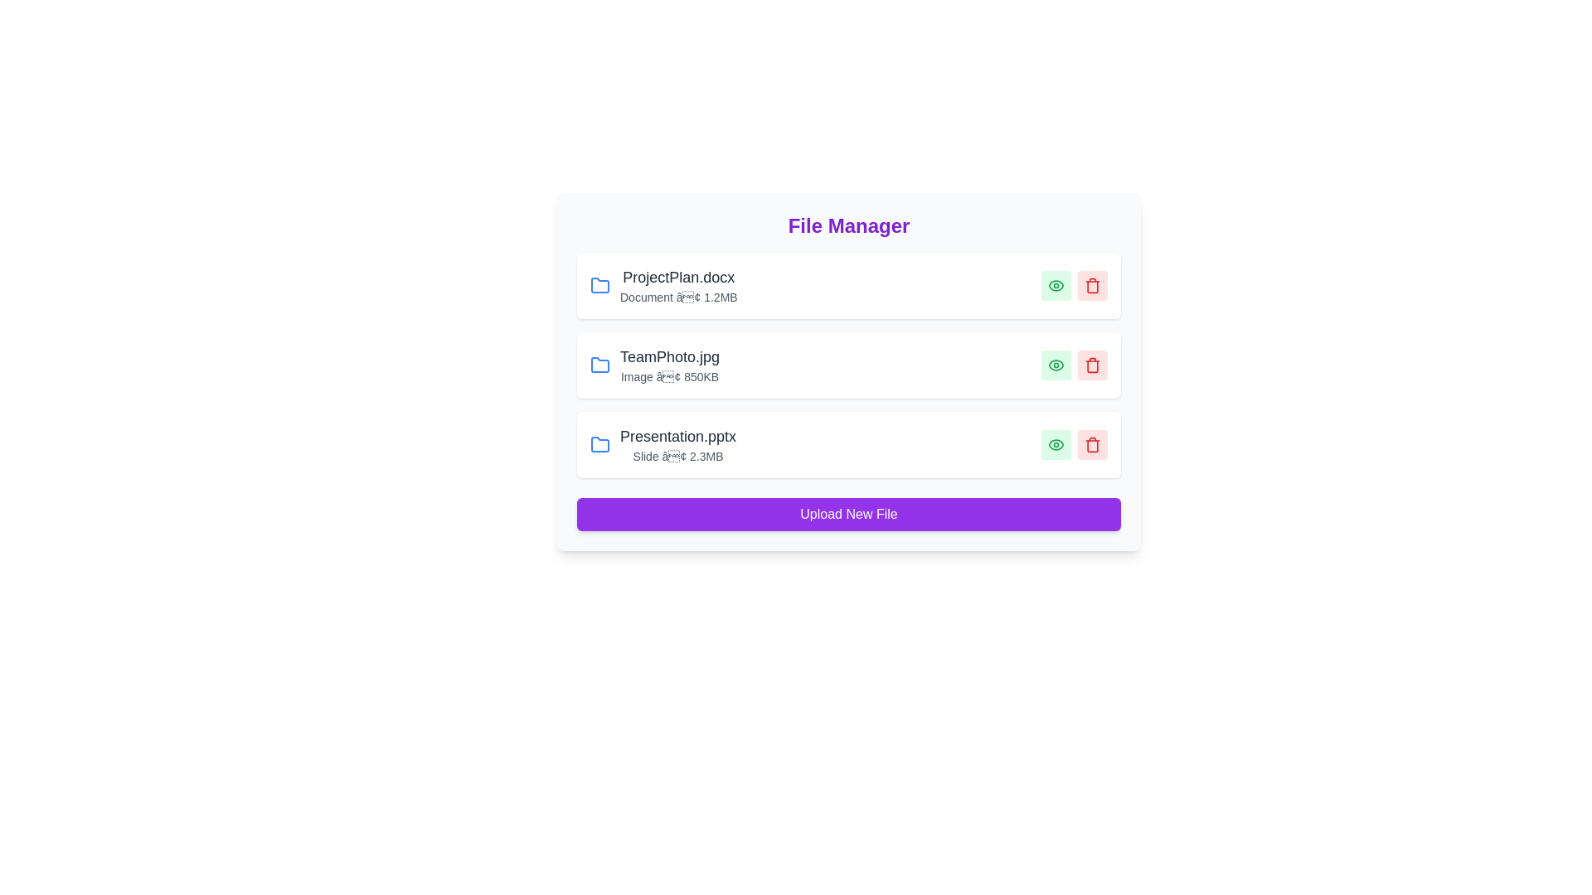 This screenshot has height=895, width=1592. I want to click on the file details section to view additional information or interactions, so click(663, 284).